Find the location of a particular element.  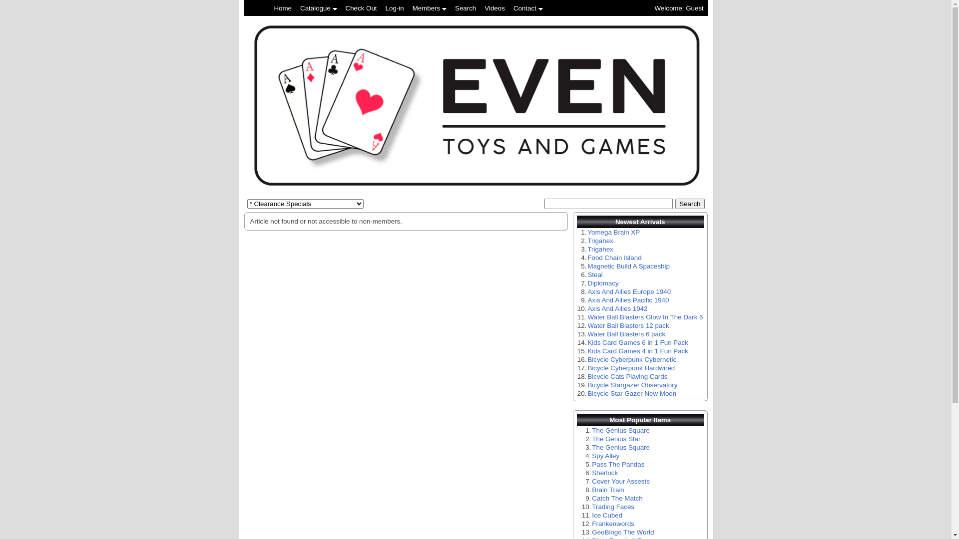

'Axis And Allies Pacific 1940' is located at coordinates (627, 299).